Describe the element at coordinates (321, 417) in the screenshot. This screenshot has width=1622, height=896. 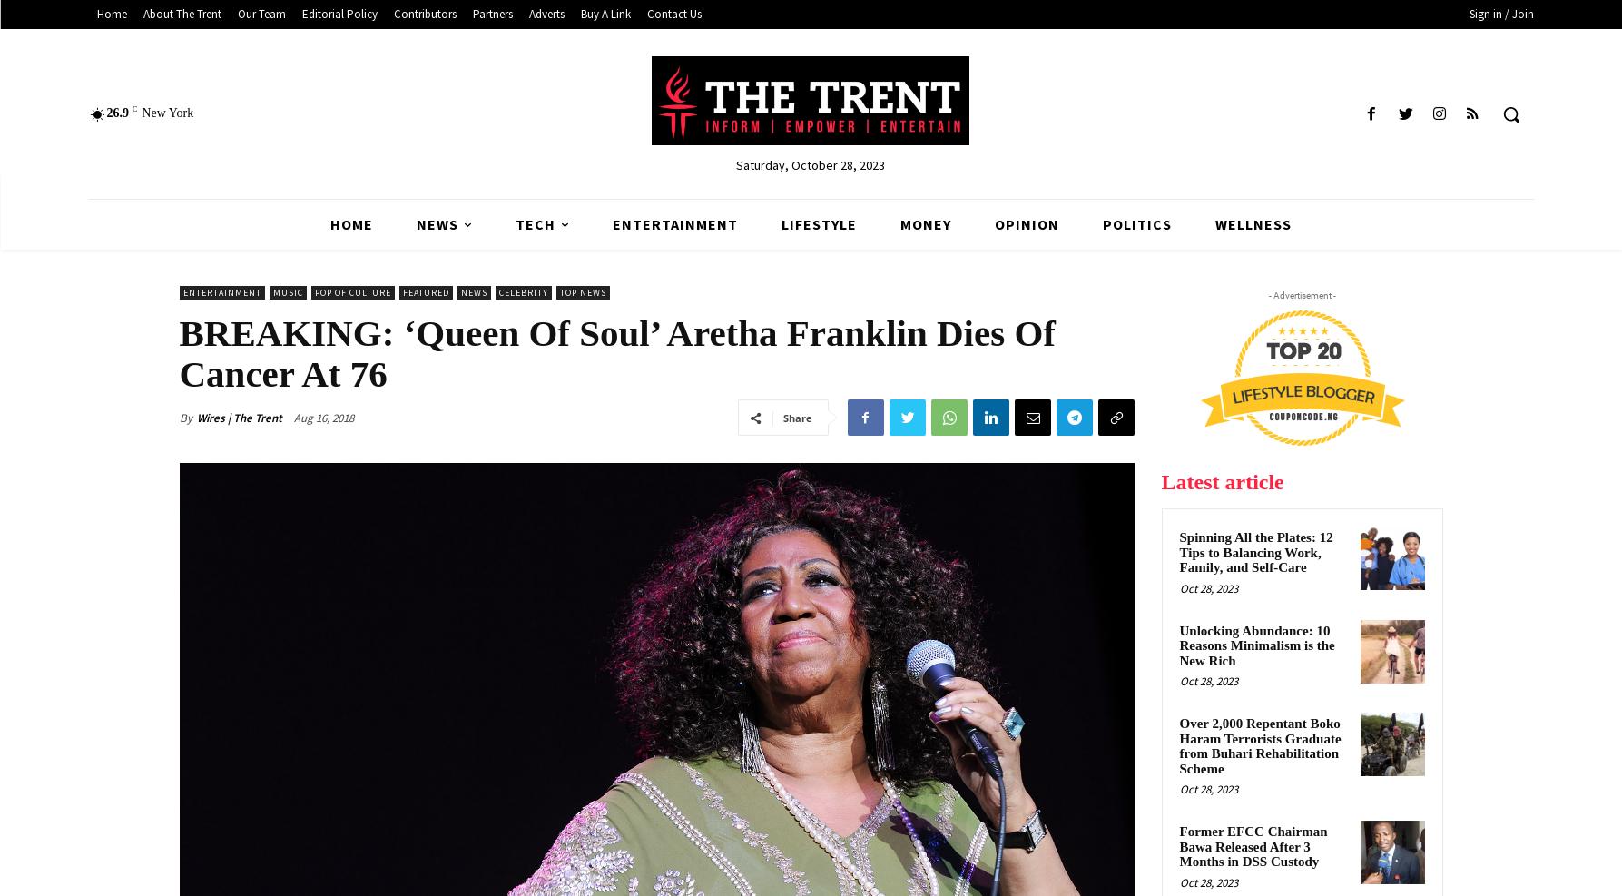
I see `'Aug 16, 2018'` at that location.